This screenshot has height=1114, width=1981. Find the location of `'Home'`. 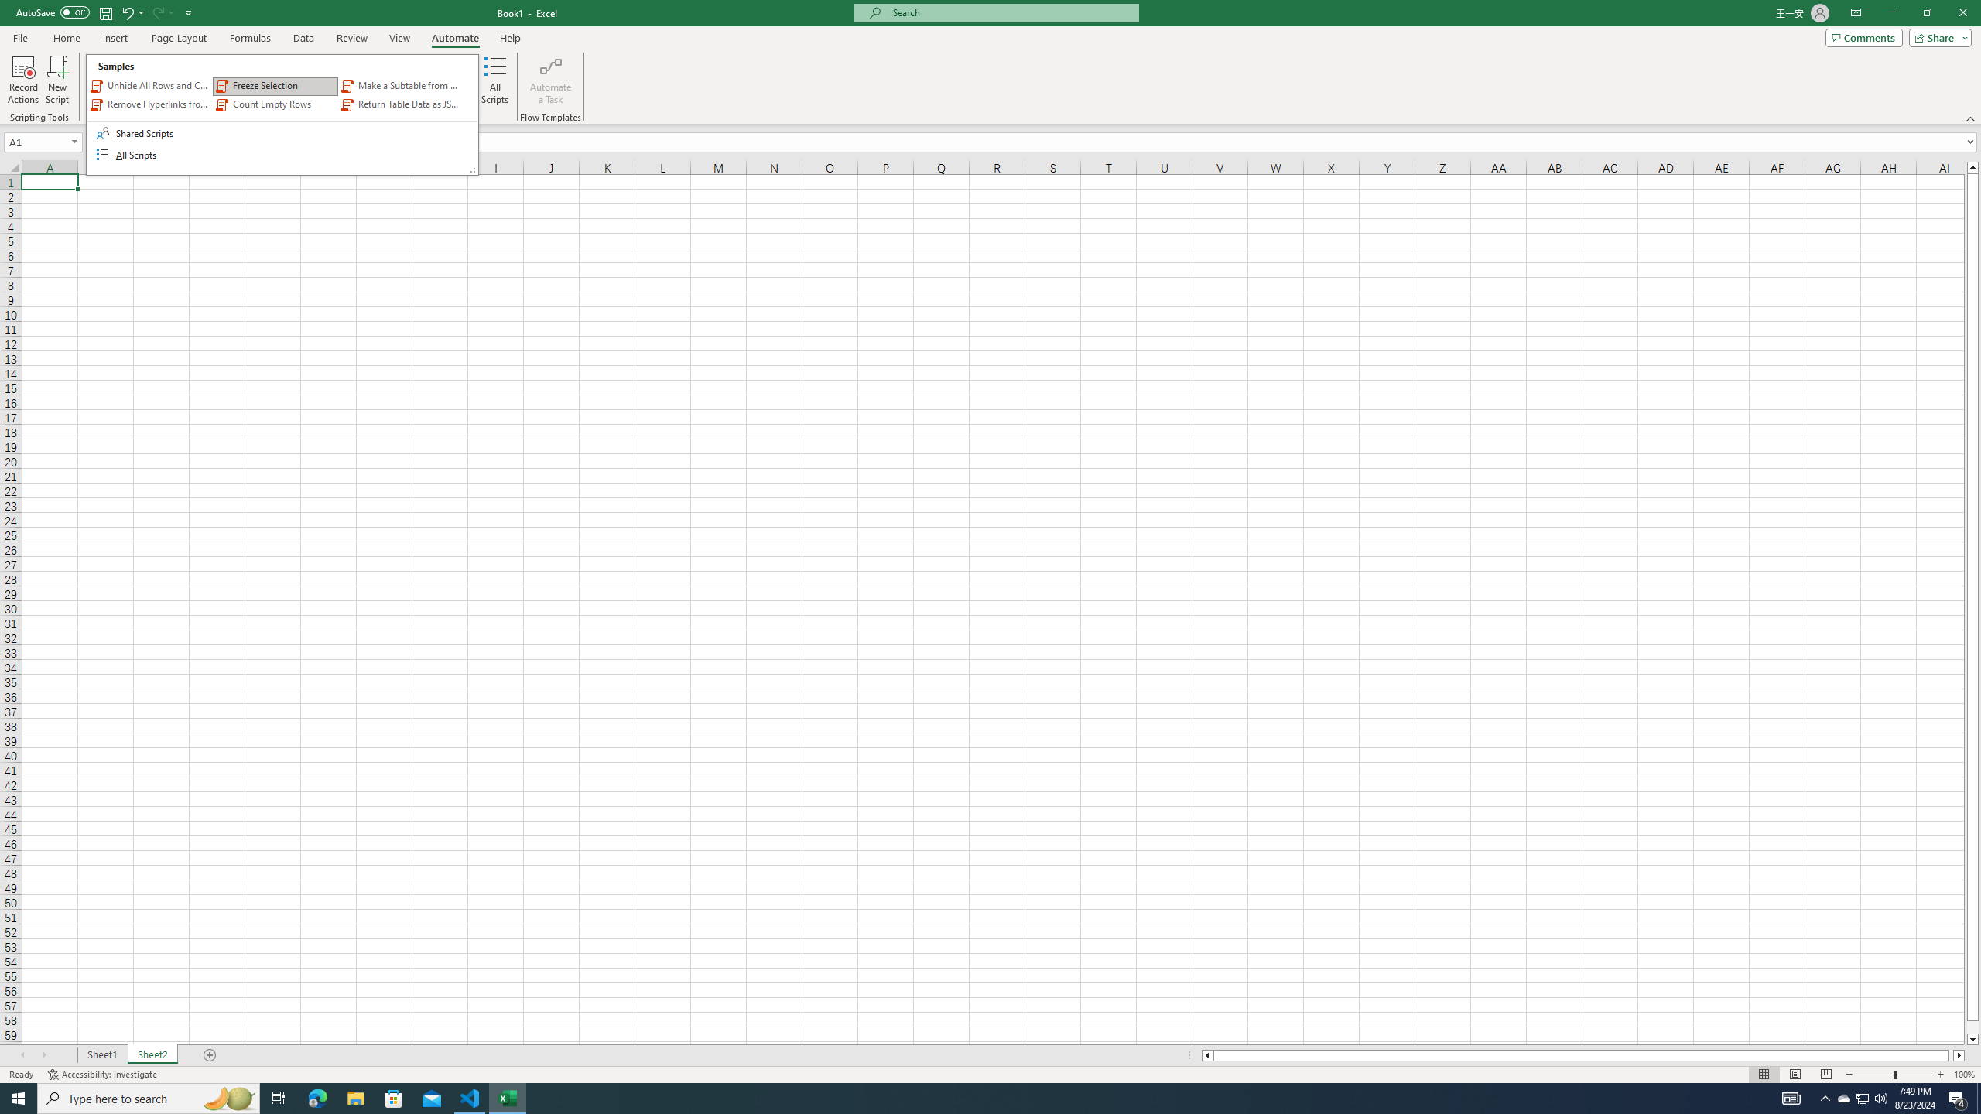

'Home' is located at coordinates (66, 38).